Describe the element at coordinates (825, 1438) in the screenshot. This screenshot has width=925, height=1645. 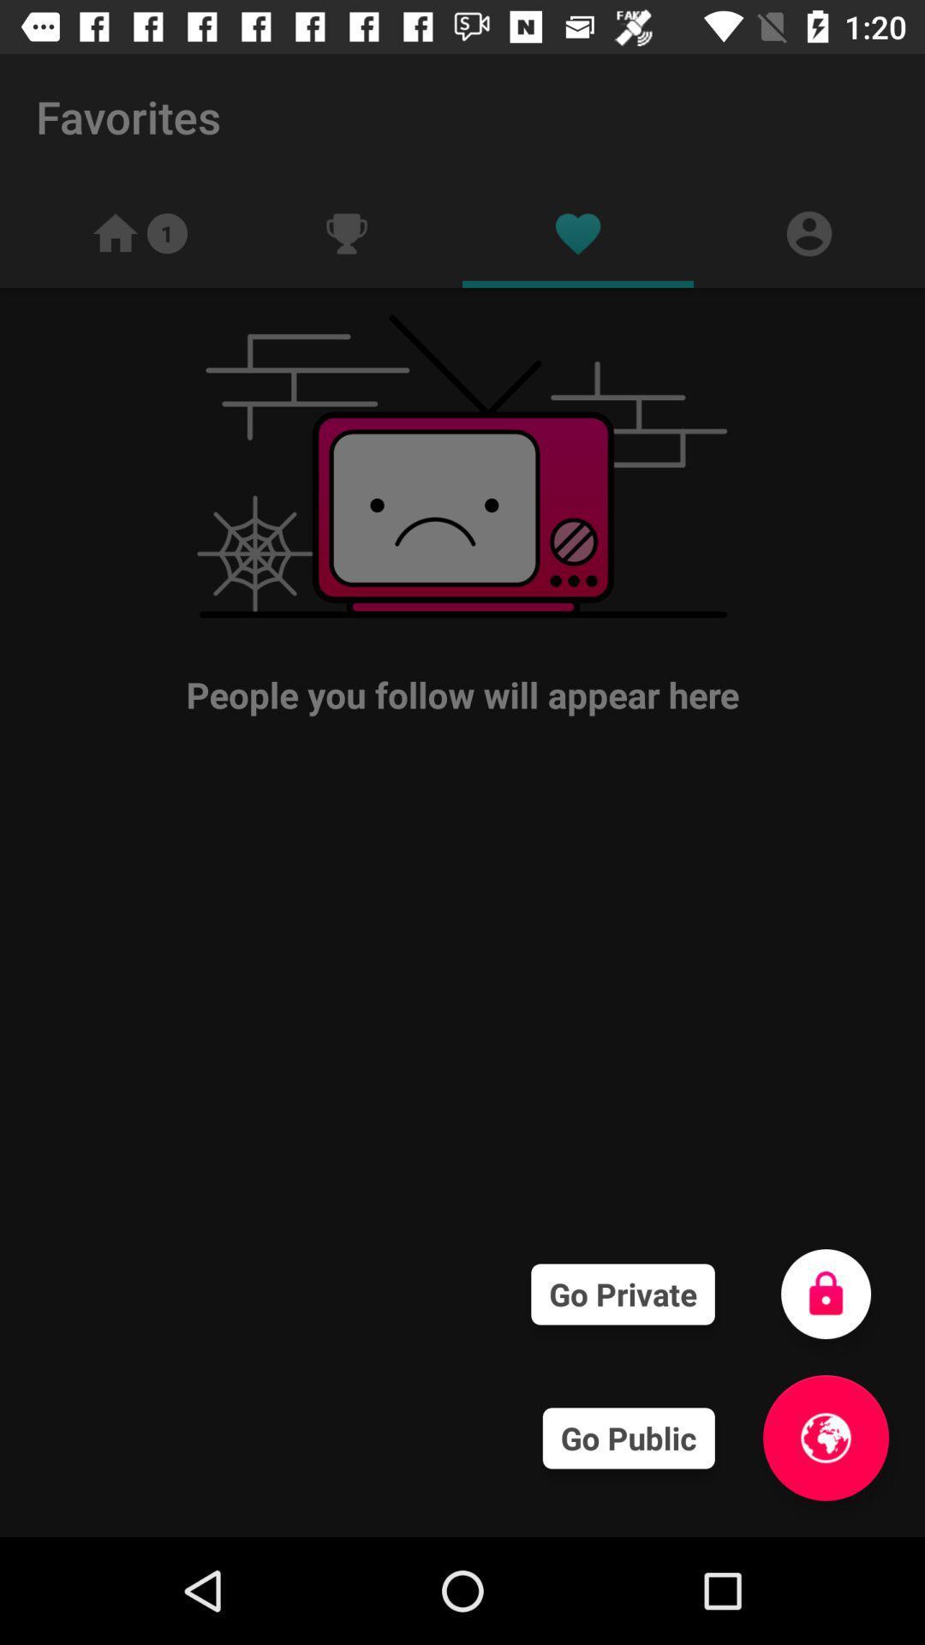
I see `make it public` at that location.